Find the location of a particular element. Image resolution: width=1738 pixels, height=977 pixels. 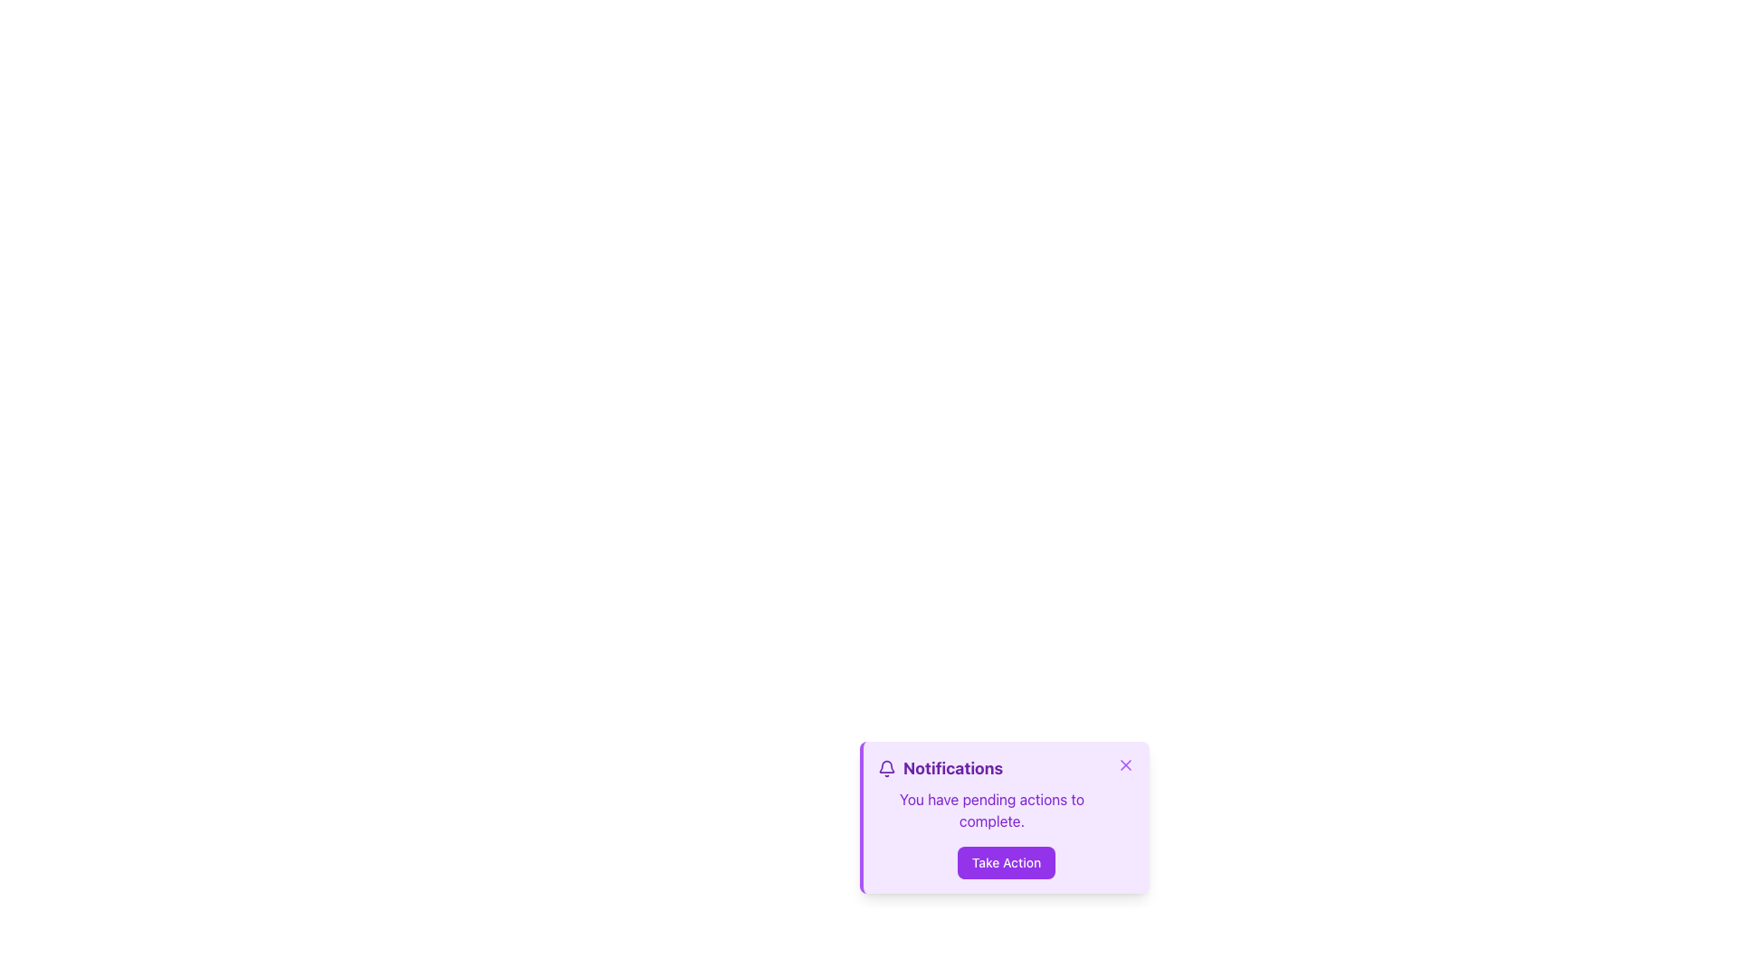

the rectangular button with a purple background and white text 'Take Action' is located at coordinates (1006, 861).